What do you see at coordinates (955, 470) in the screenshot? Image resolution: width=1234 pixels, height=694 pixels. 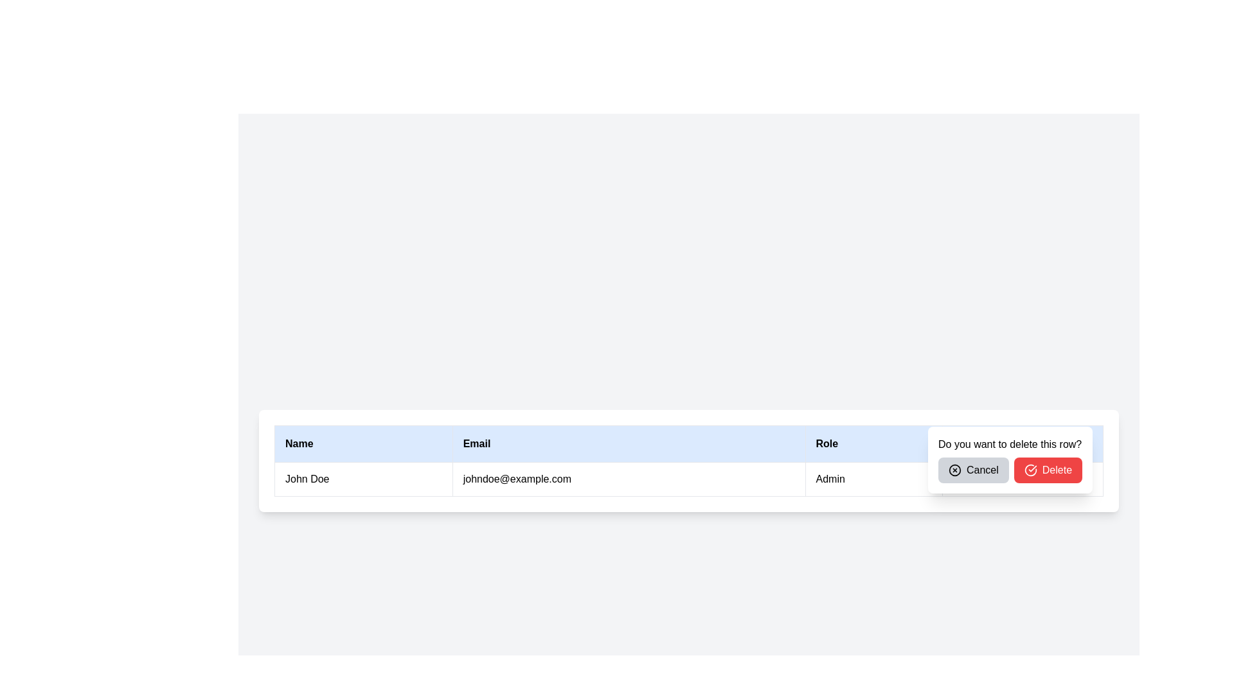 I see `the Close or Cancel icon, which is a circle with a centered cross pattern, located to the left of the 'Cancel' button in the 'Do you want to delete this row?' confirmation dialog` at bounding box center [955, 470].